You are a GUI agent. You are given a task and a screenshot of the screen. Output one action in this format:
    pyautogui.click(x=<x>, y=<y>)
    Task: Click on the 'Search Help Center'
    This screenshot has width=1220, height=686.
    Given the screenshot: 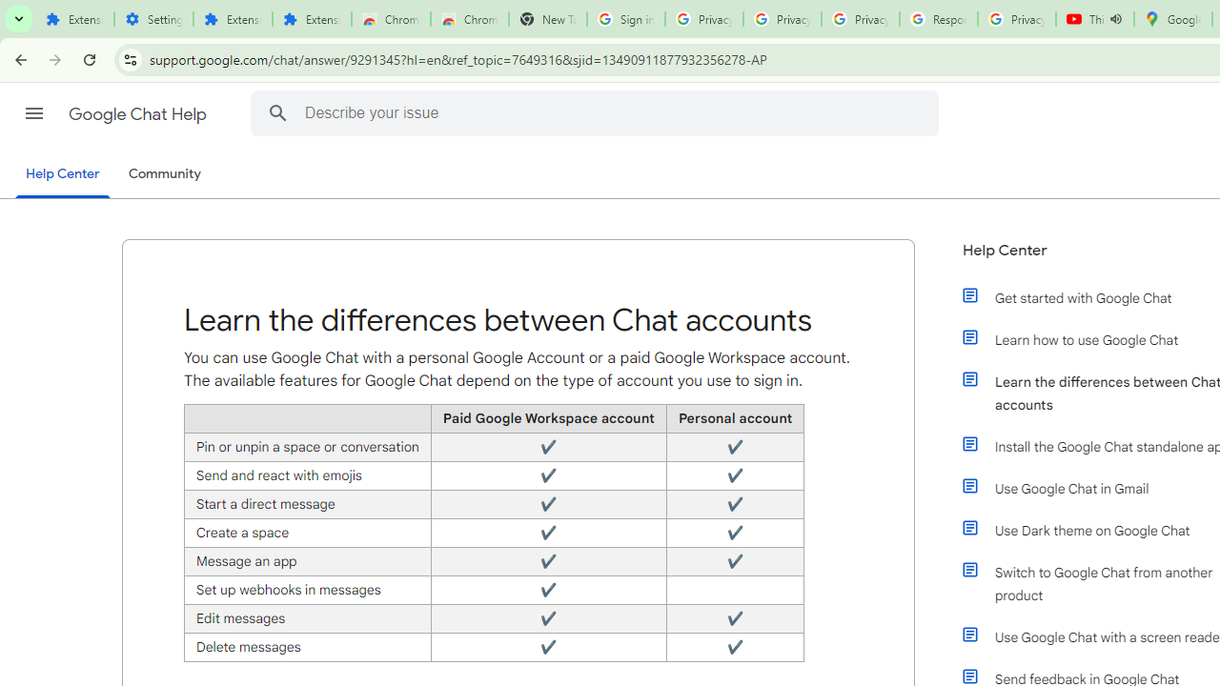 What is the action you would take?
    pyautogui.click(x=276, y=112)
    